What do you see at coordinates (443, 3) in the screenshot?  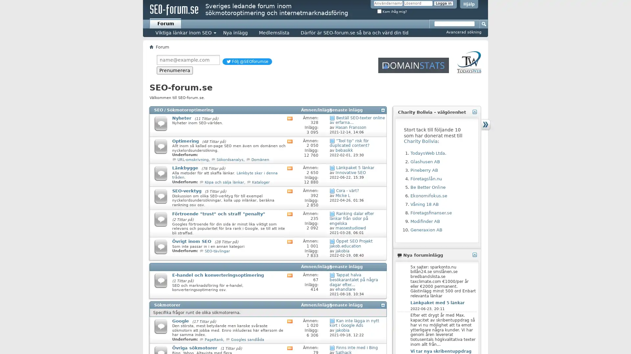 I see `Logga in` at bounding box center [443, 3].